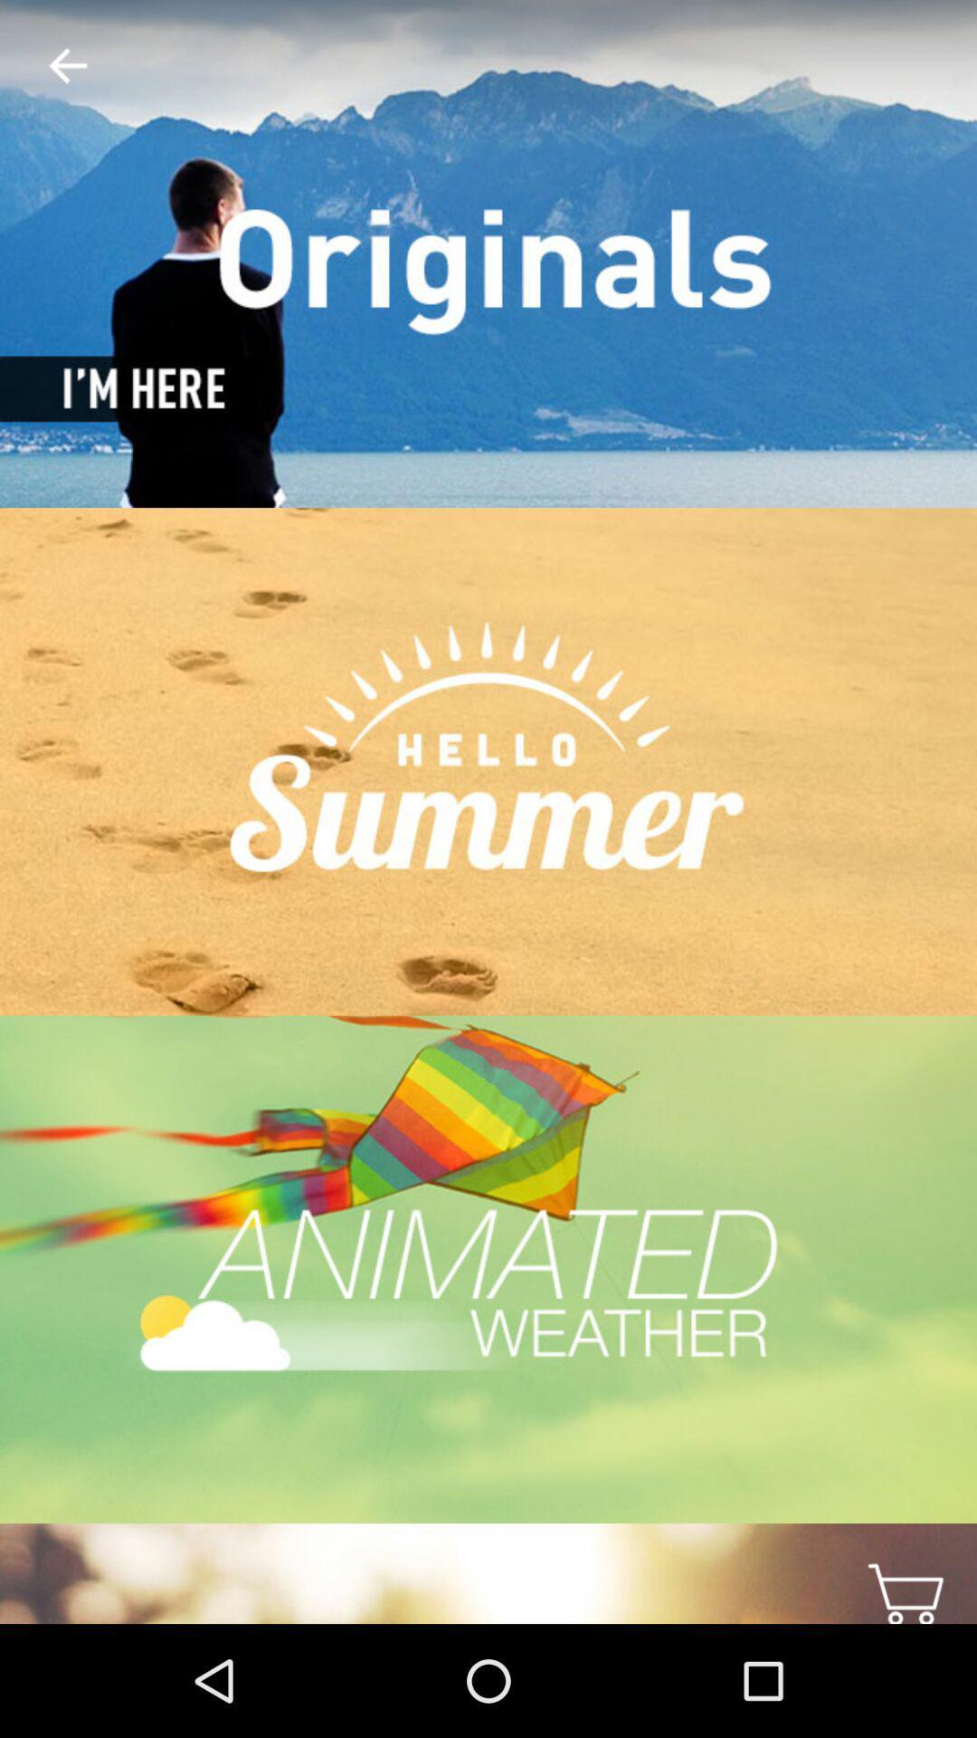 This screenshot has height=1738, width=977. What do you see at coordinates (52, 66) in the screenshot?
I see `the item at the top left corner` at bounding box center [52, 66].